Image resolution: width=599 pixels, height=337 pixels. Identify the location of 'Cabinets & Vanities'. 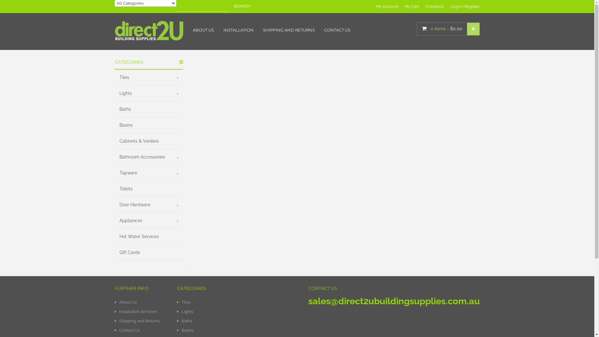
(149, 141).